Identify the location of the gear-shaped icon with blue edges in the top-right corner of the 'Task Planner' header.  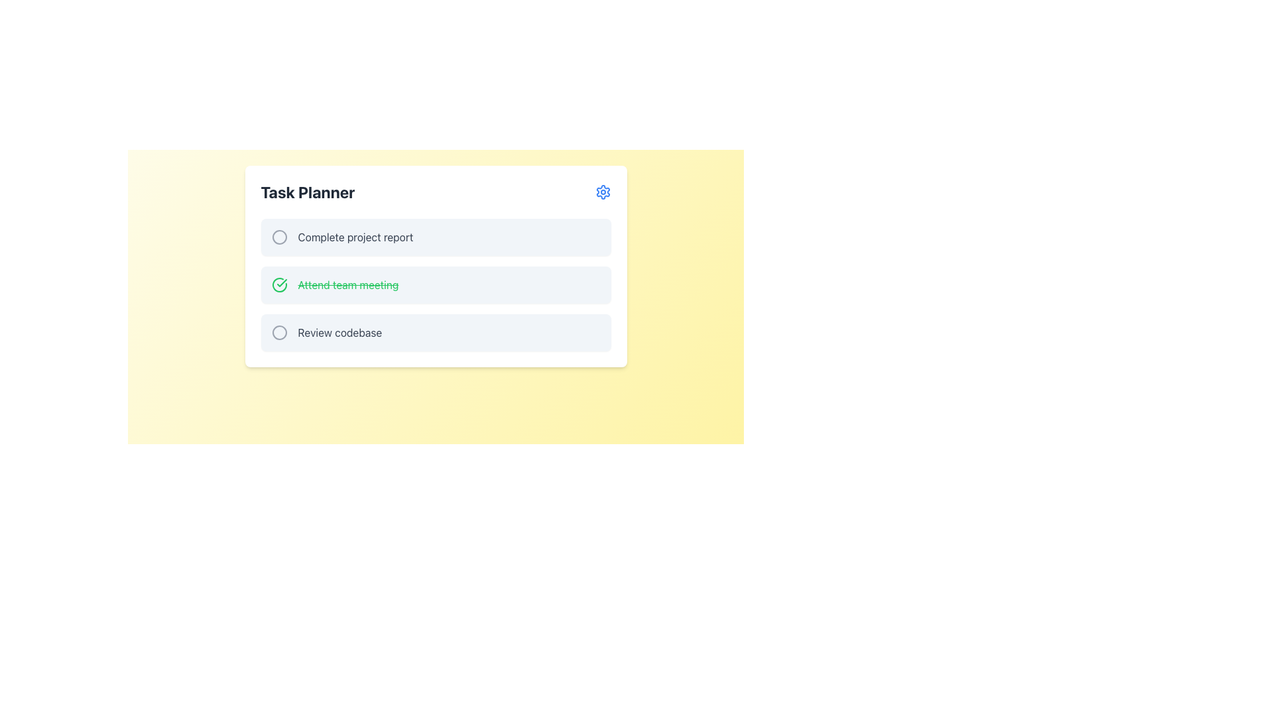
(602, 192).